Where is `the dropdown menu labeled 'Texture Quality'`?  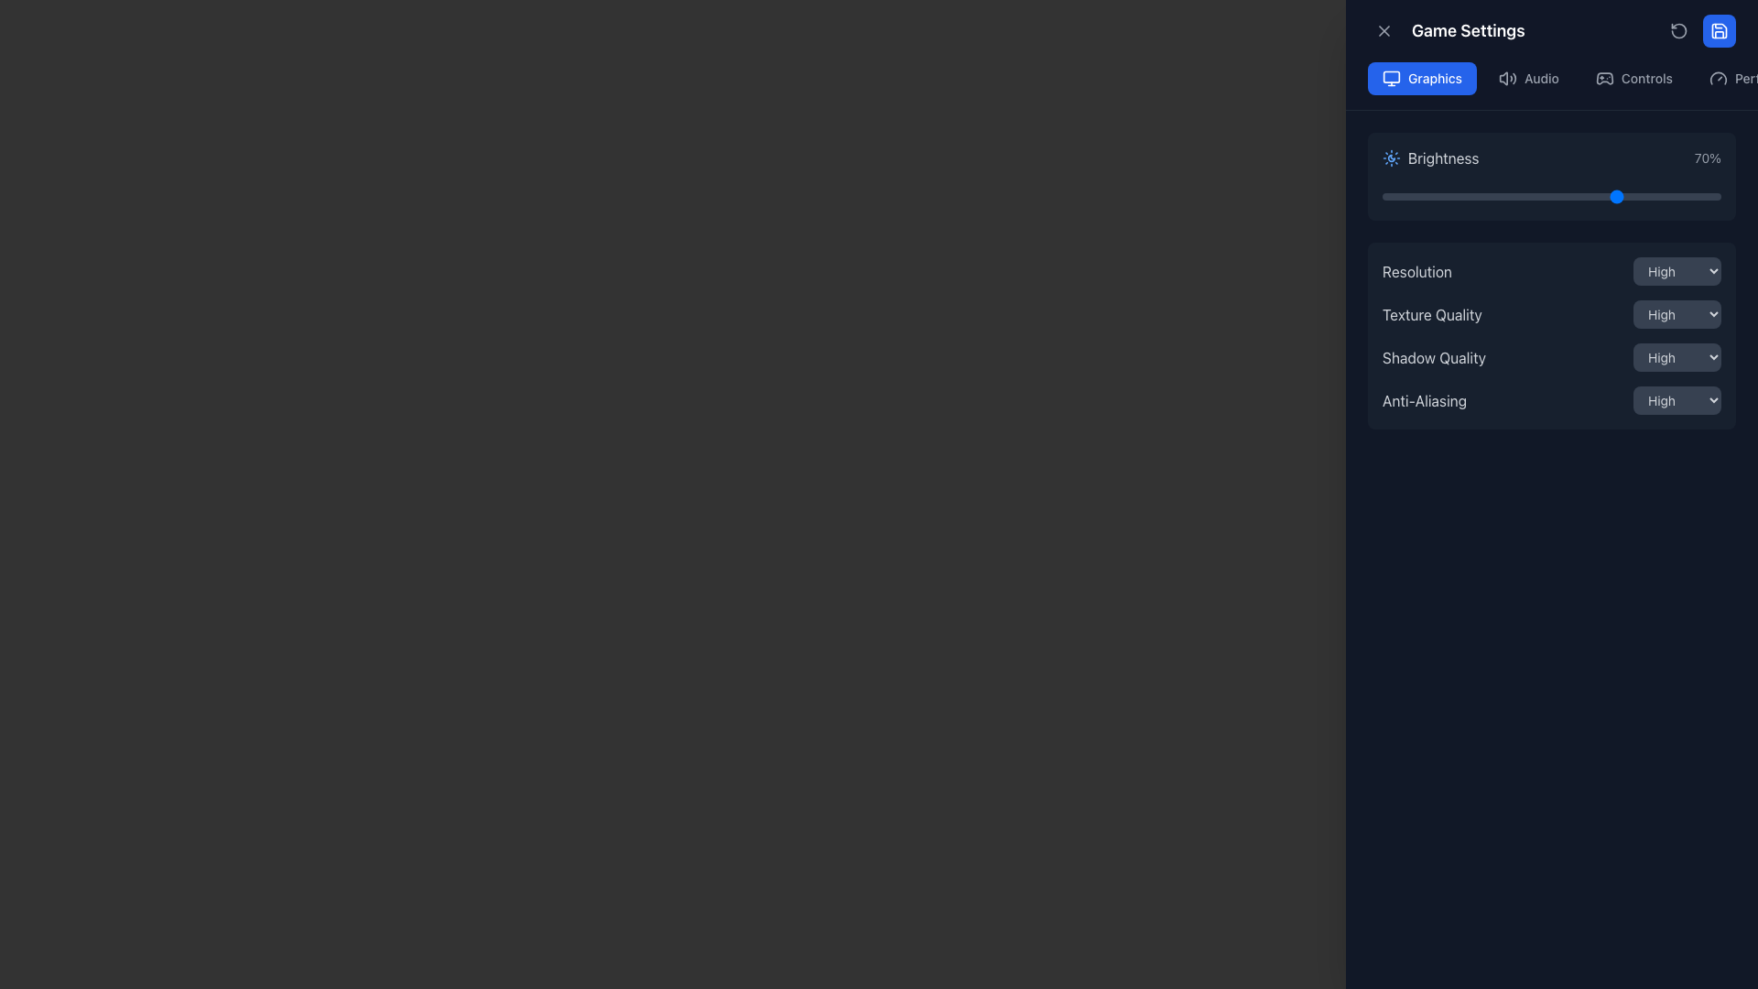 the dropdown menu labeled 'Texture Quality' is located at coordinates (1550, 313).